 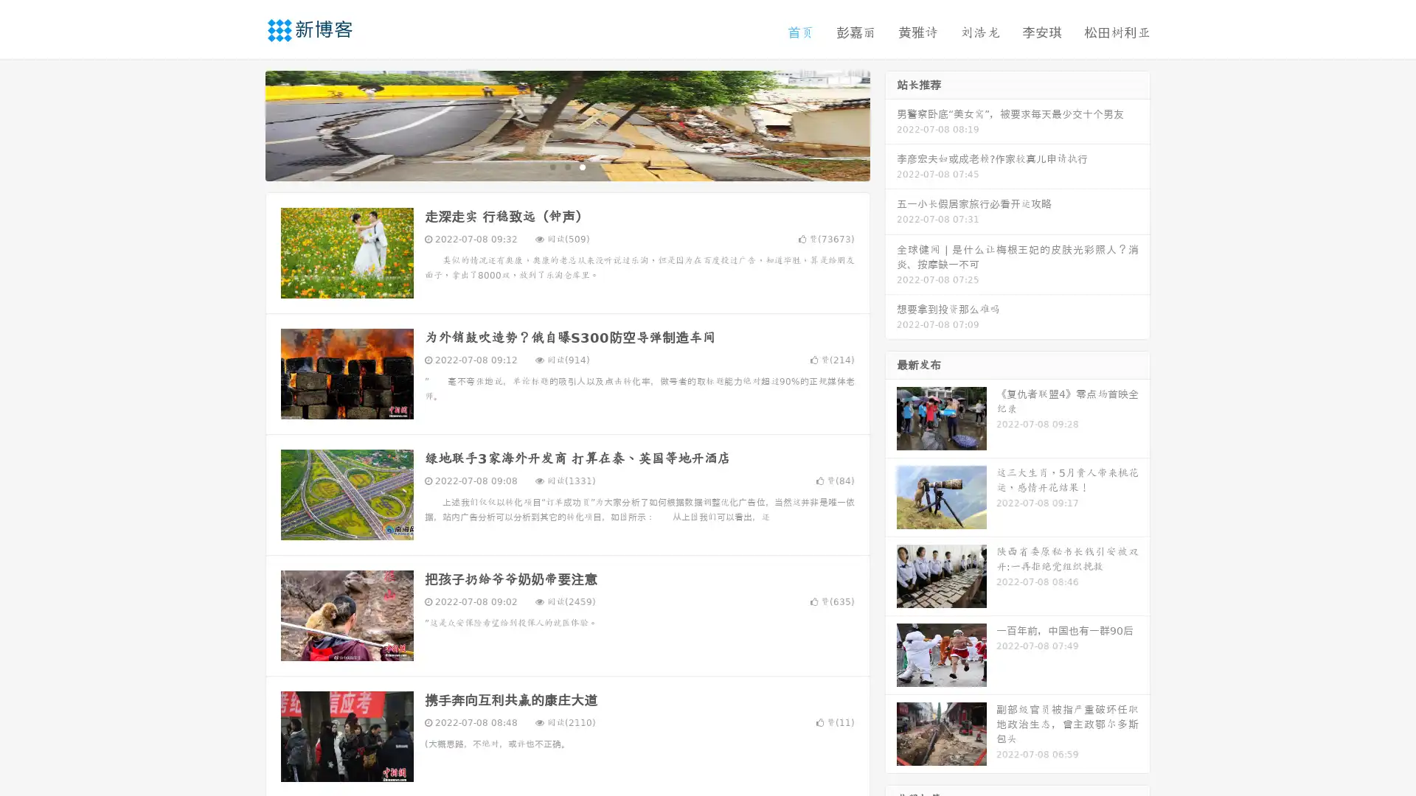 What do you see at coordinates (243, 124) in the screenshot?
I see `Previous slide` at bounding box center [243, 124].